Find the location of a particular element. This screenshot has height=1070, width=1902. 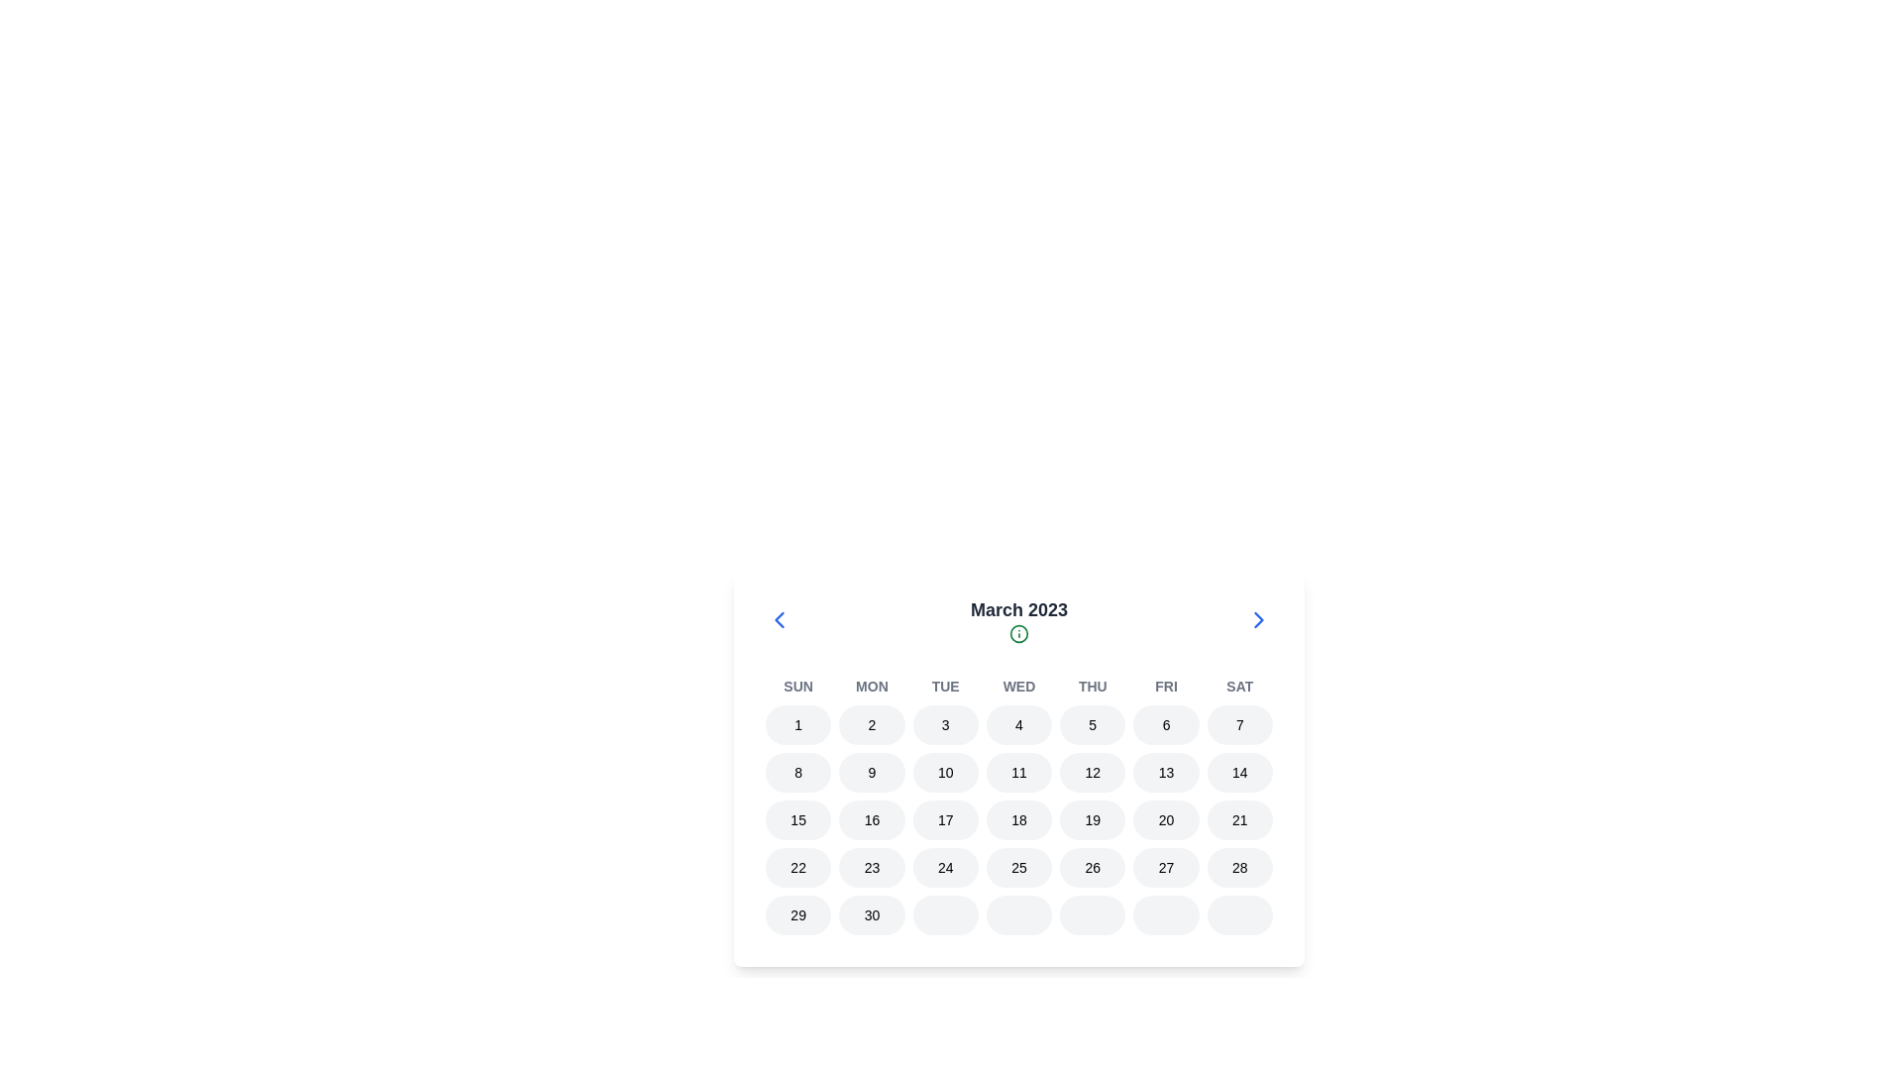

the circular button labeled '3' in the calendar grid under 'TUE' is located at coordinates (944, 725).